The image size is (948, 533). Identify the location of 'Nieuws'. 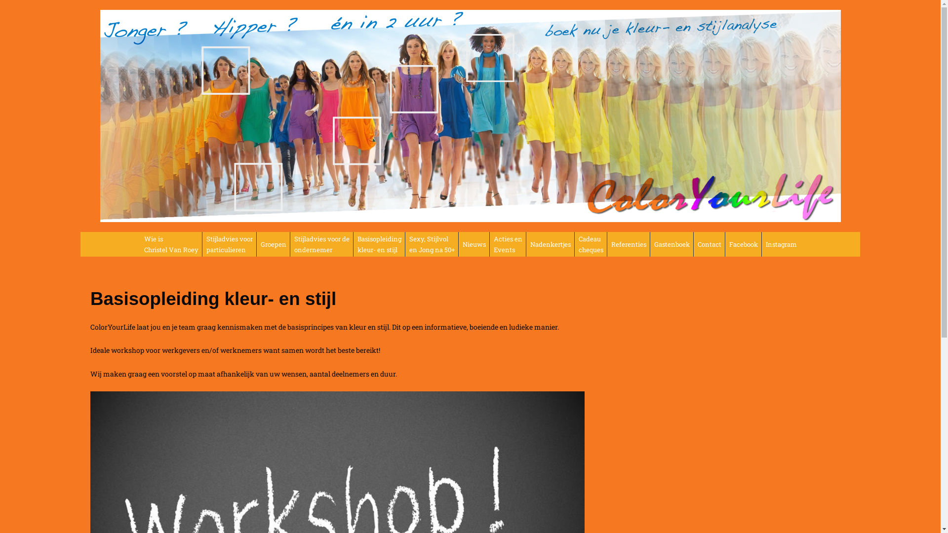
(474, 244).